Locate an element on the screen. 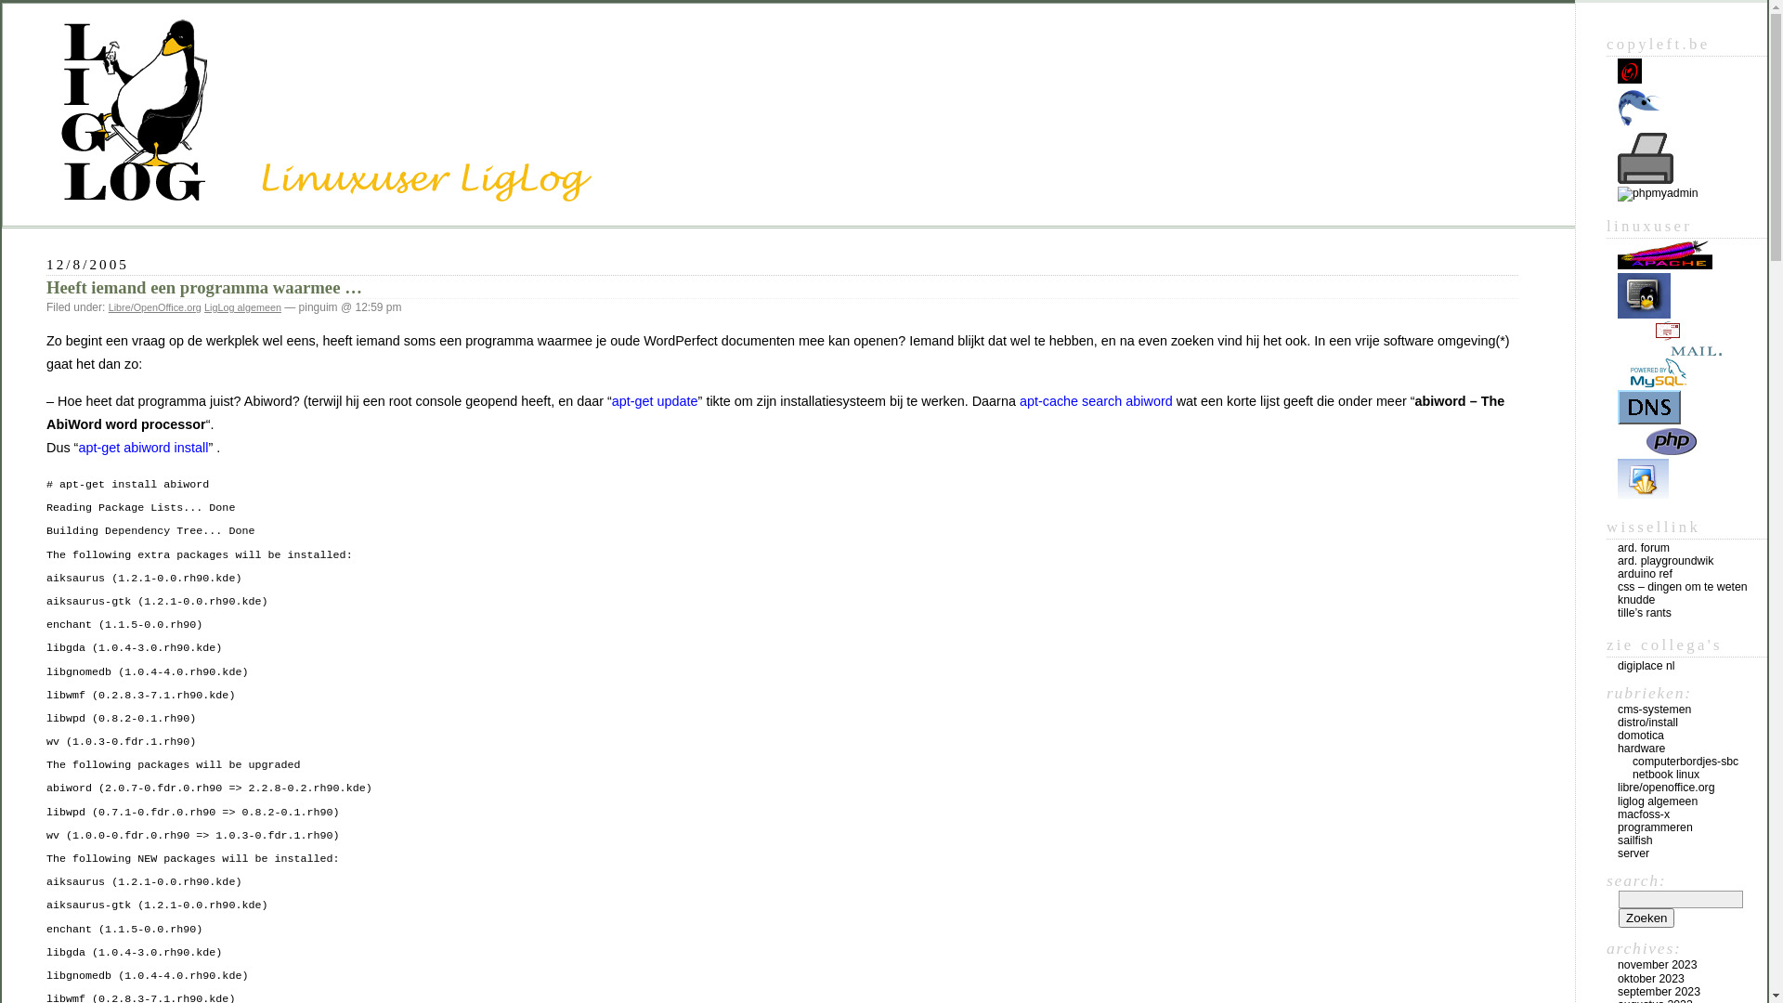  'PHP notes' is located at coordinates (1658, 451).